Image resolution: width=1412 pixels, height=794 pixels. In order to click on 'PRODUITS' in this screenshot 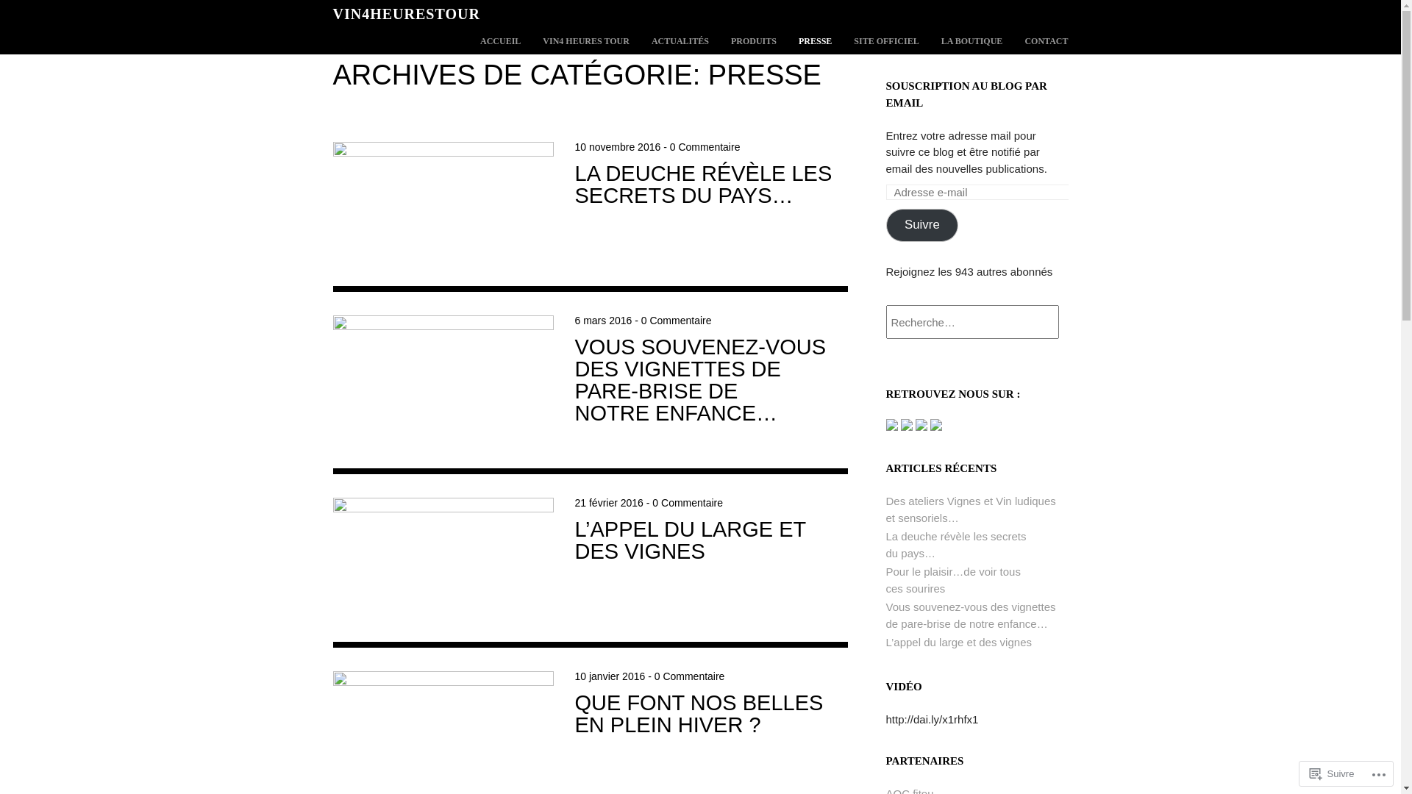, I will do `click(754, 40)`.